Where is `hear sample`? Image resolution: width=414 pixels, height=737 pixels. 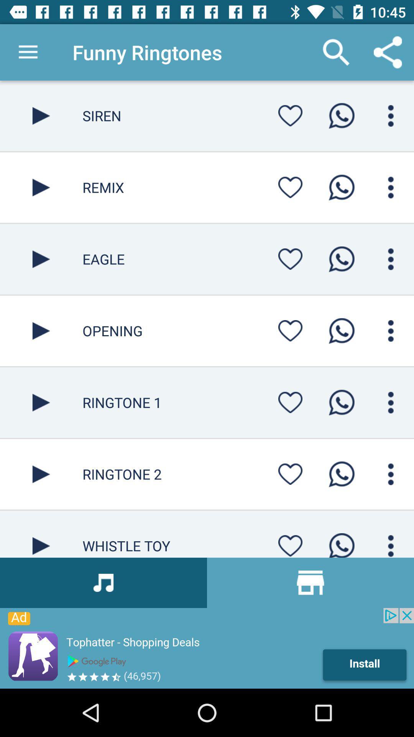
hear sample is located at coordinates (41, 187).